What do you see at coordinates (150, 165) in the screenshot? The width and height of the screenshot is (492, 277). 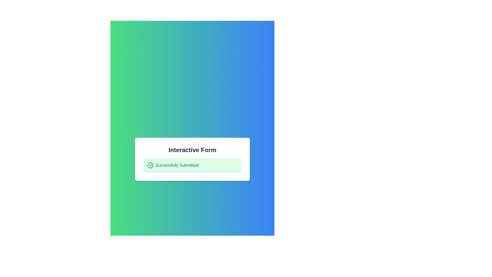 I see `the success indicator icon located to the left of the 'Successfully Submitted!' text within the green notification box at the bottom-center of the interface` at bounding box center [150, 165].